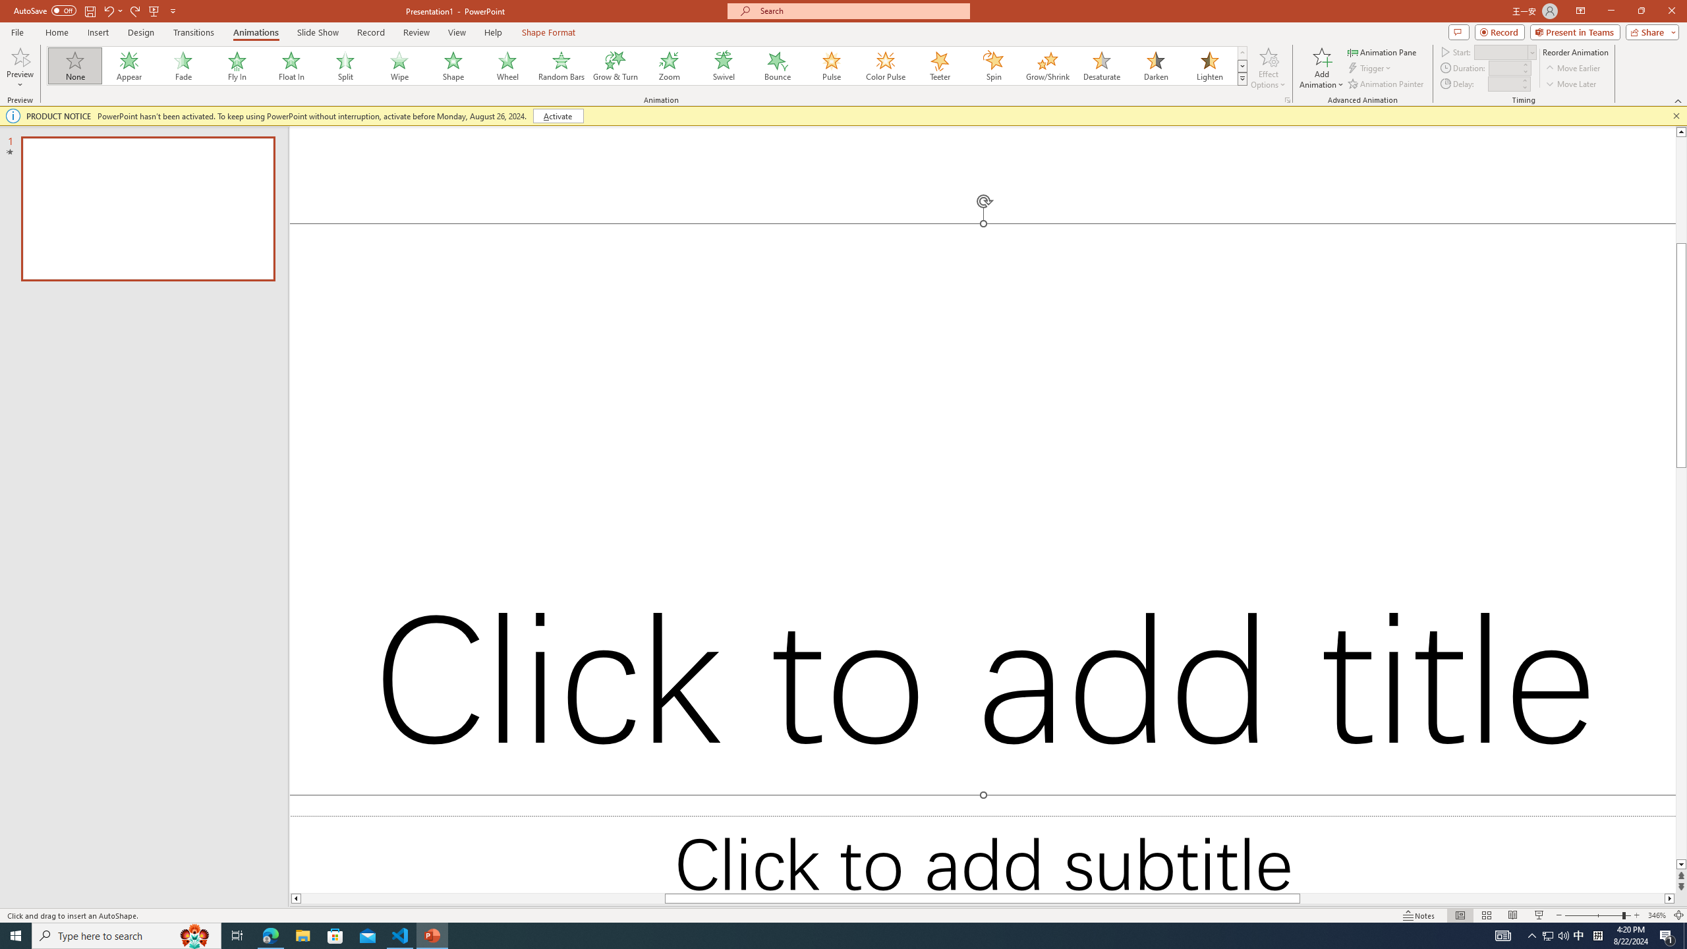 This screenshot has height=949, width=1687. What do you see at coordinates (1502, 83) in the screenshot?
I see `'Animation Delay'` at bounding box center [1502, 83].